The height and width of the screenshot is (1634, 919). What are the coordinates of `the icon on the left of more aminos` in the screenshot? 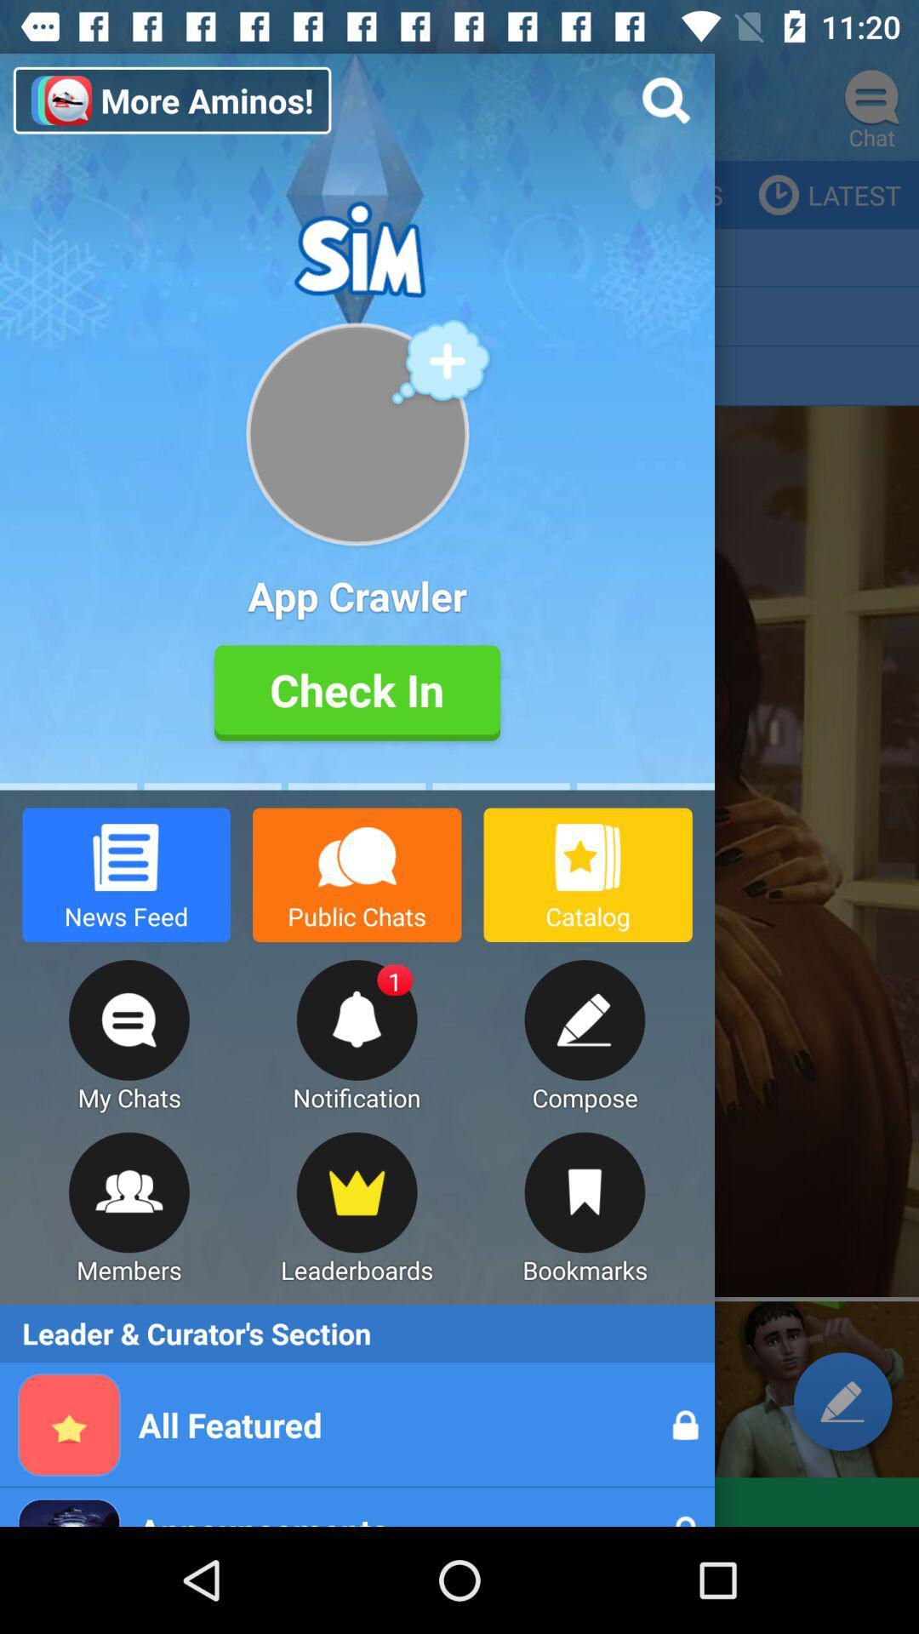 It's located at (52, 106).